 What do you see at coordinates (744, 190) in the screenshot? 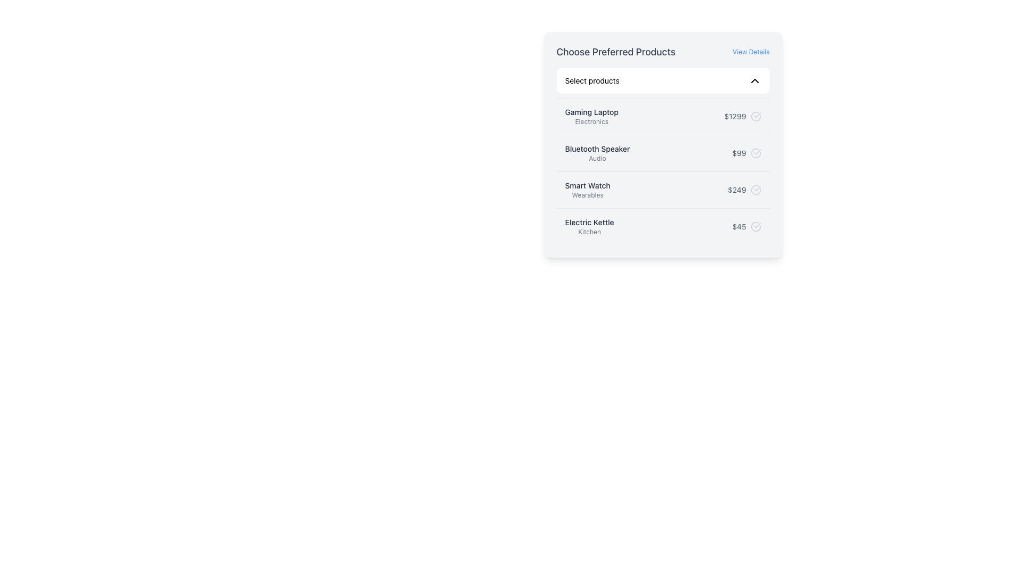
I see `the price label in the 'Choose Preferred Products' section that displays the price for the 'Smart Watch' product, which is styled in dark gray text and has a circular icon to its right` at bounding box center [744, 190].